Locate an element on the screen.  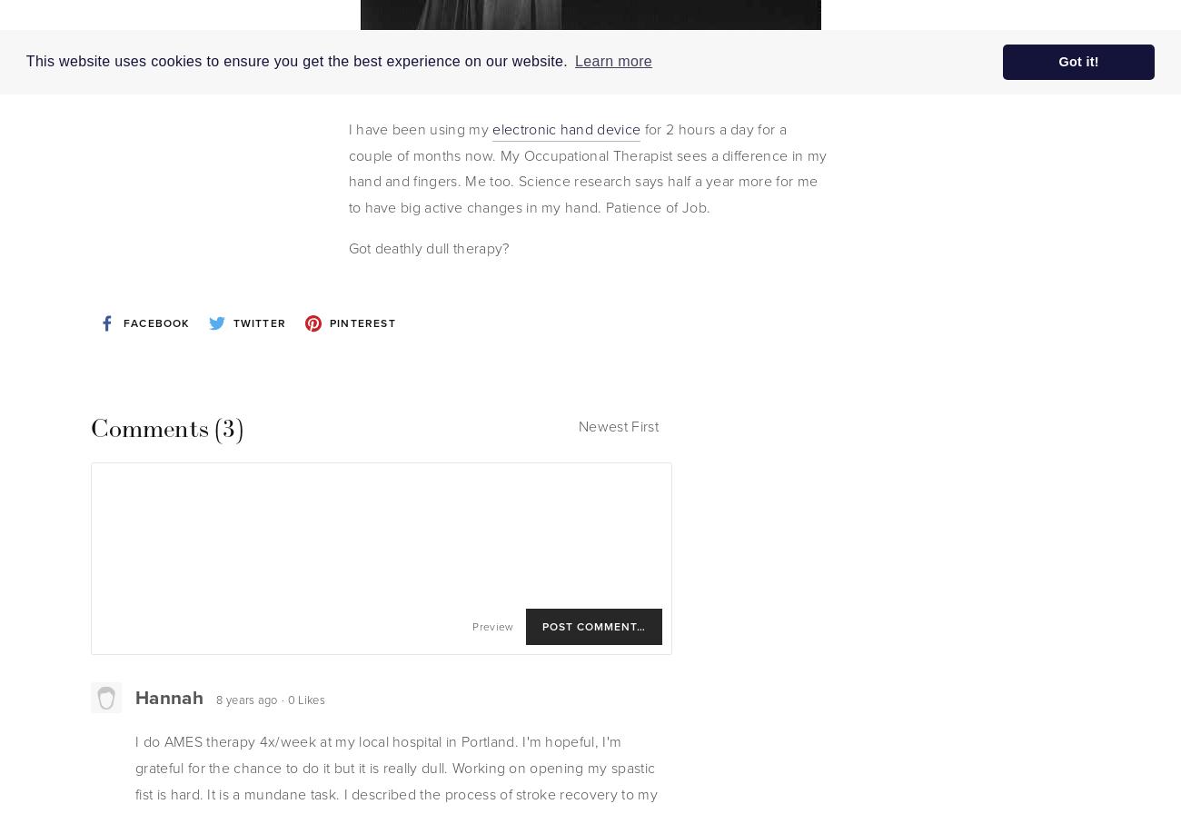
'Twitter' is located at coordinates (259, 322).